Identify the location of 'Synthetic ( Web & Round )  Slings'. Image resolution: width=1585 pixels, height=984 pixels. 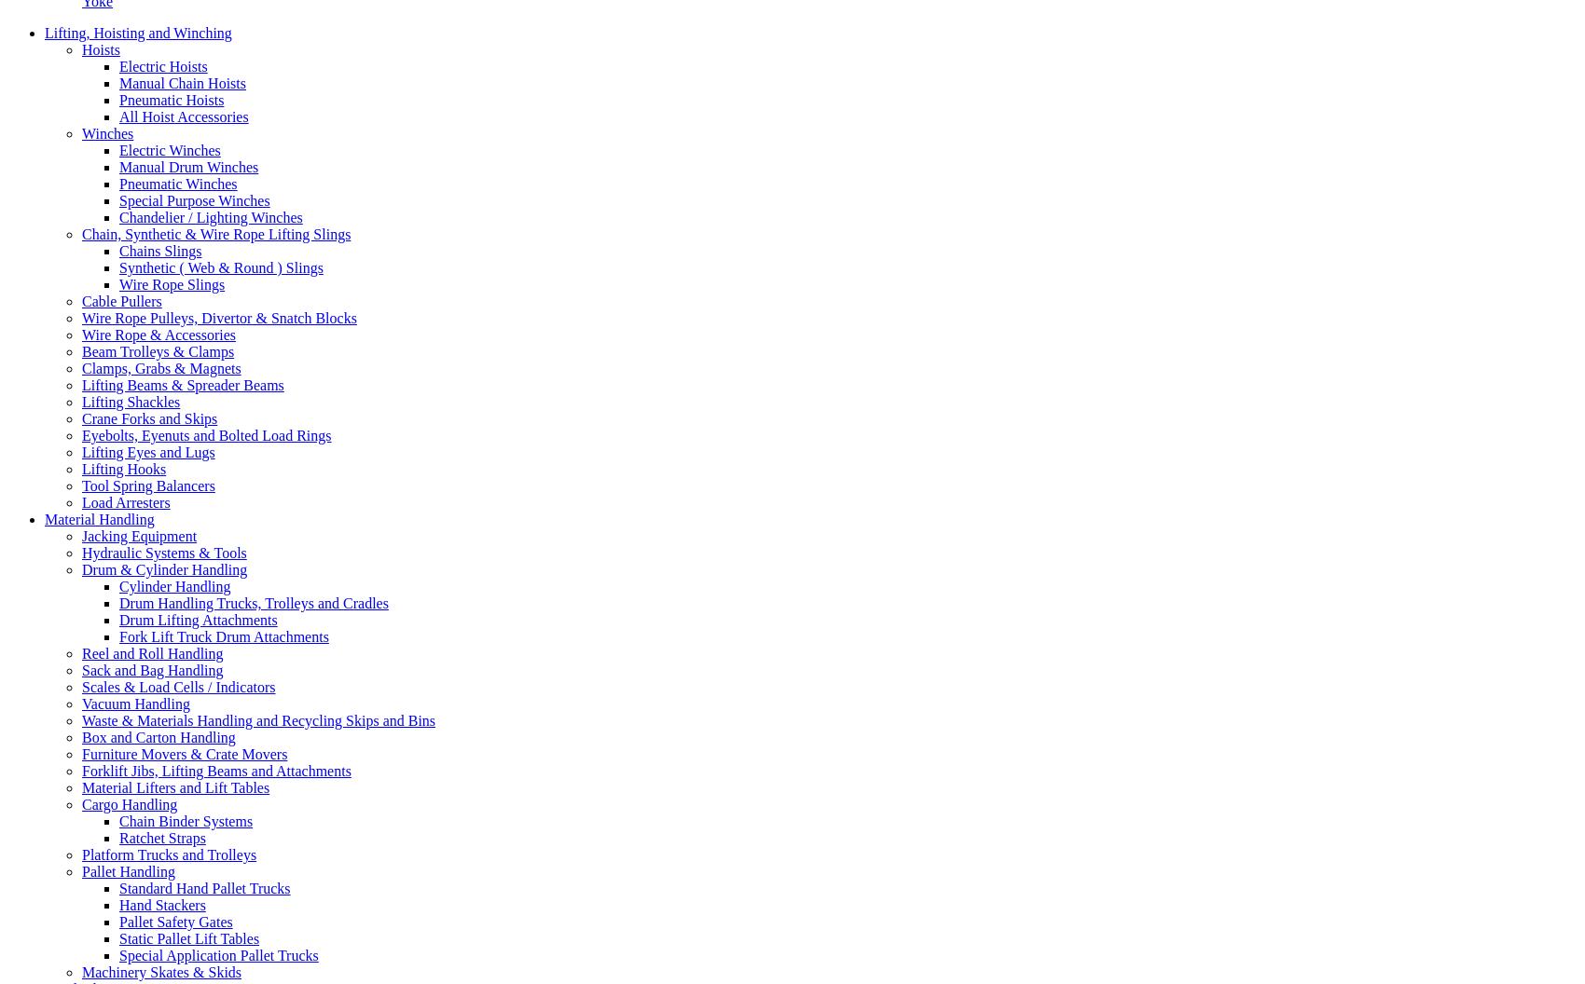
(118, 266).